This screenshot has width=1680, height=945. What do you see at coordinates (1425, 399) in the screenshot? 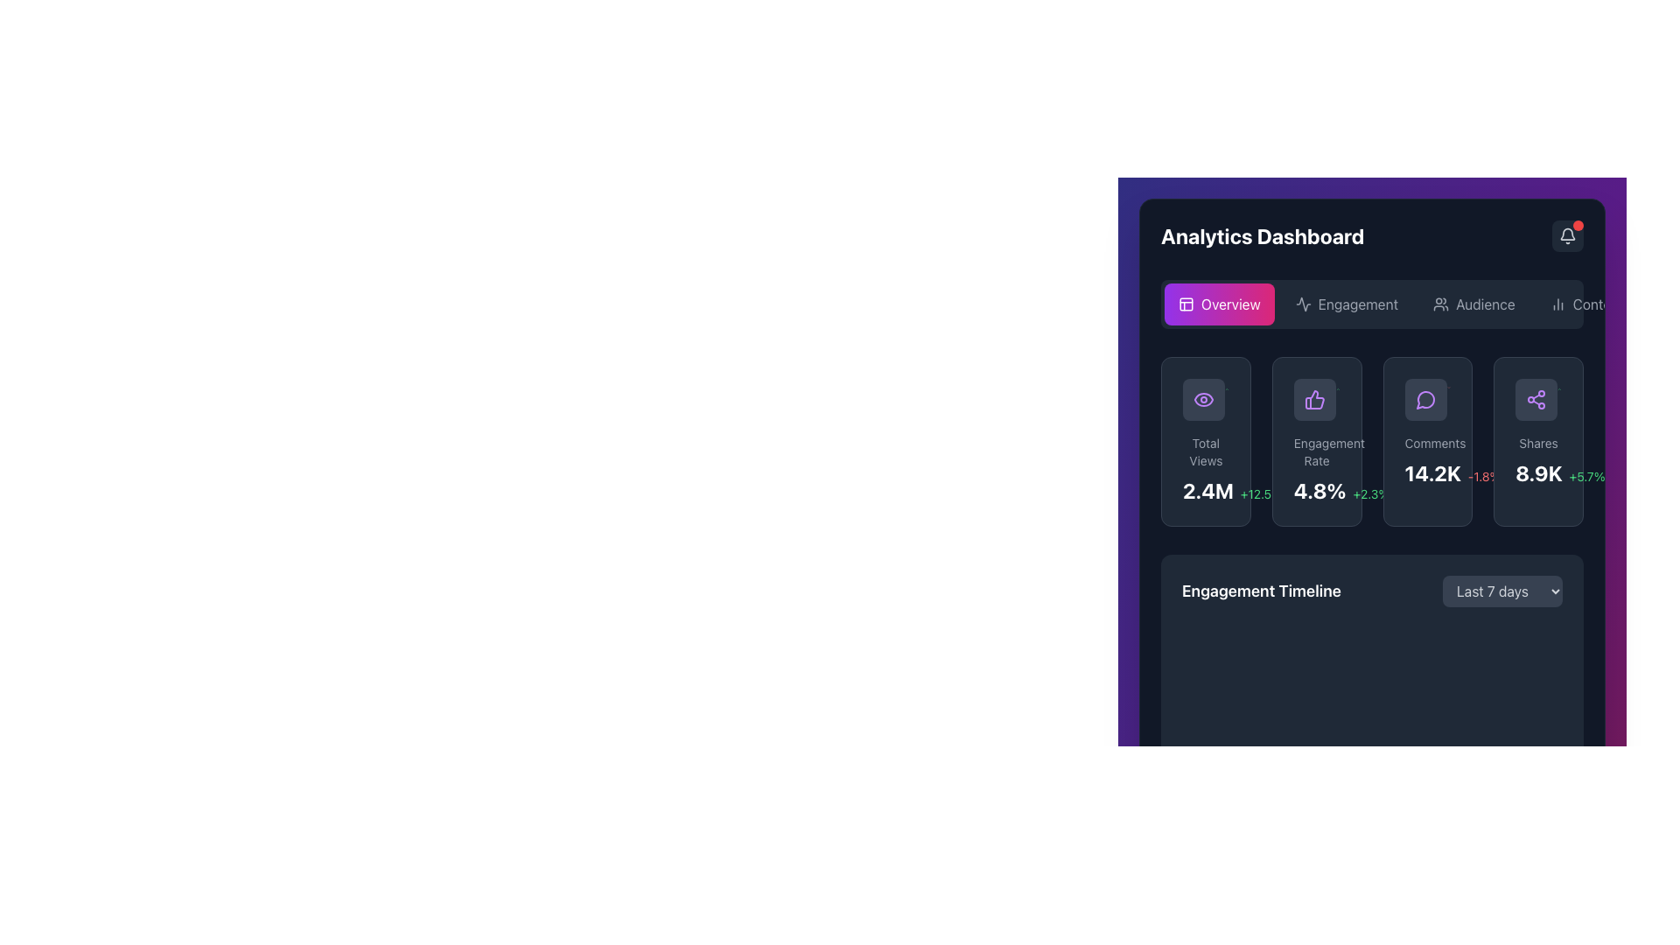
I see `the comments metric icon in the analytics dashboard for metric-specific actions or navigation` at bounding box center [1425, 399].